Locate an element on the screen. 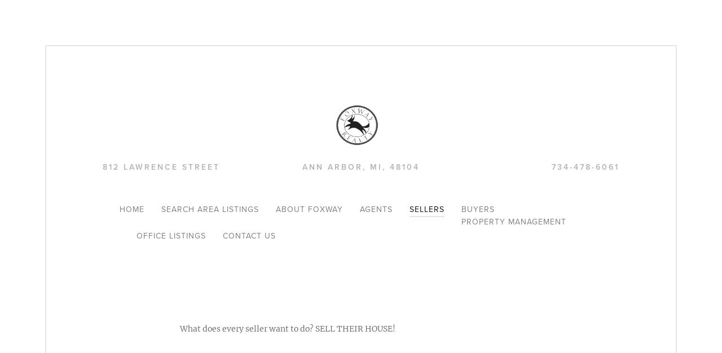 Image resolution: width=722 pixels, height=353 pixels. 'Office Listings' is located at coordinates (136, 235).